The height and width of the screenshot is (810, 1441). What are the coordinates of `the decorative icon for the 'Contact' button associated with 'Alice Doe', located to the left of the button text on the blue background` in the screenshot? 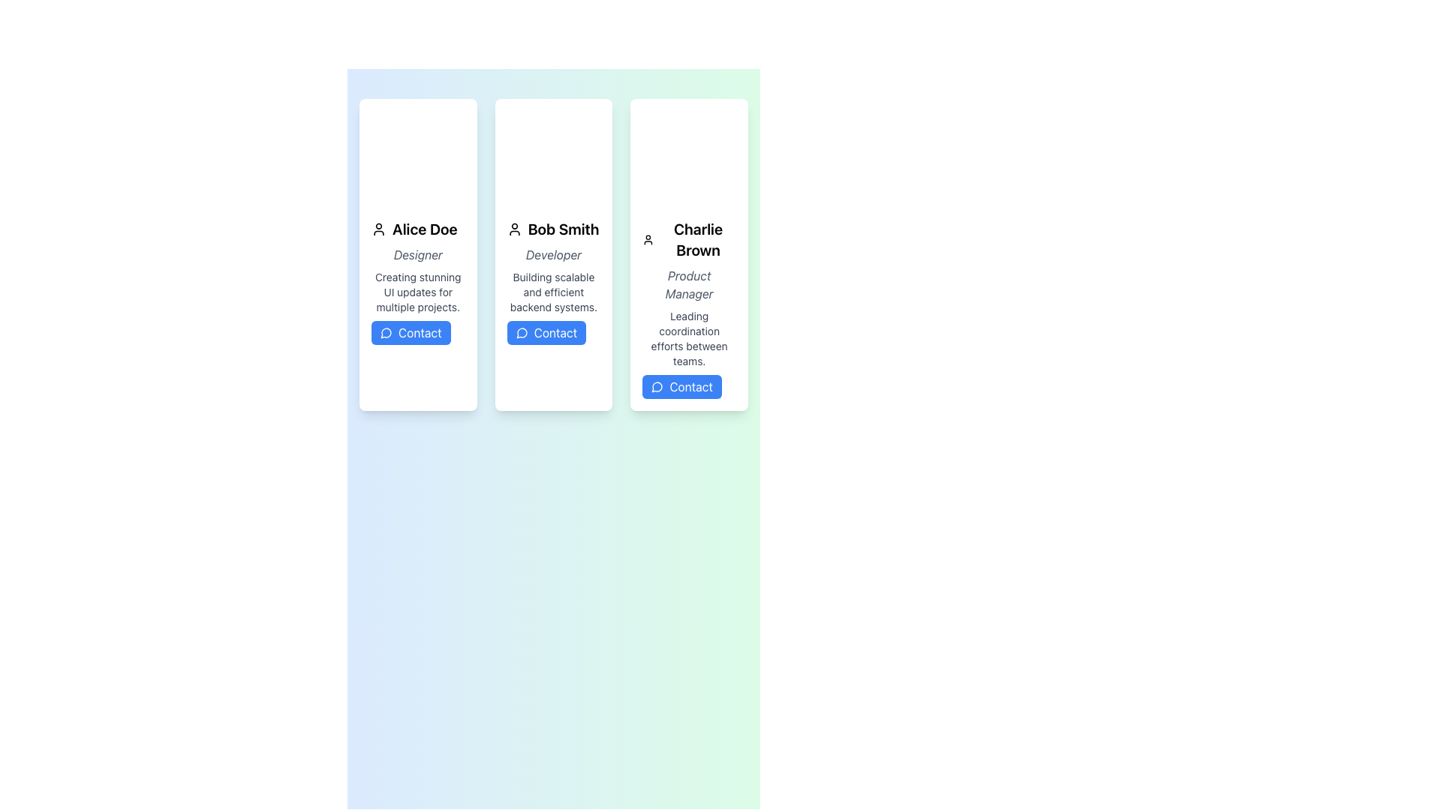 It's located at (386, 332).